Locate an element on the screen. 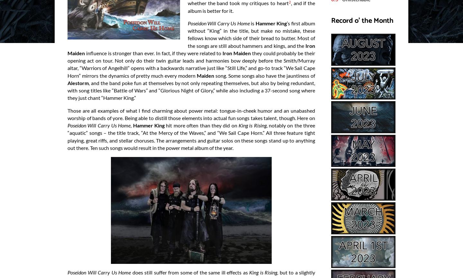  'is' is located at coordinates (253, 23).